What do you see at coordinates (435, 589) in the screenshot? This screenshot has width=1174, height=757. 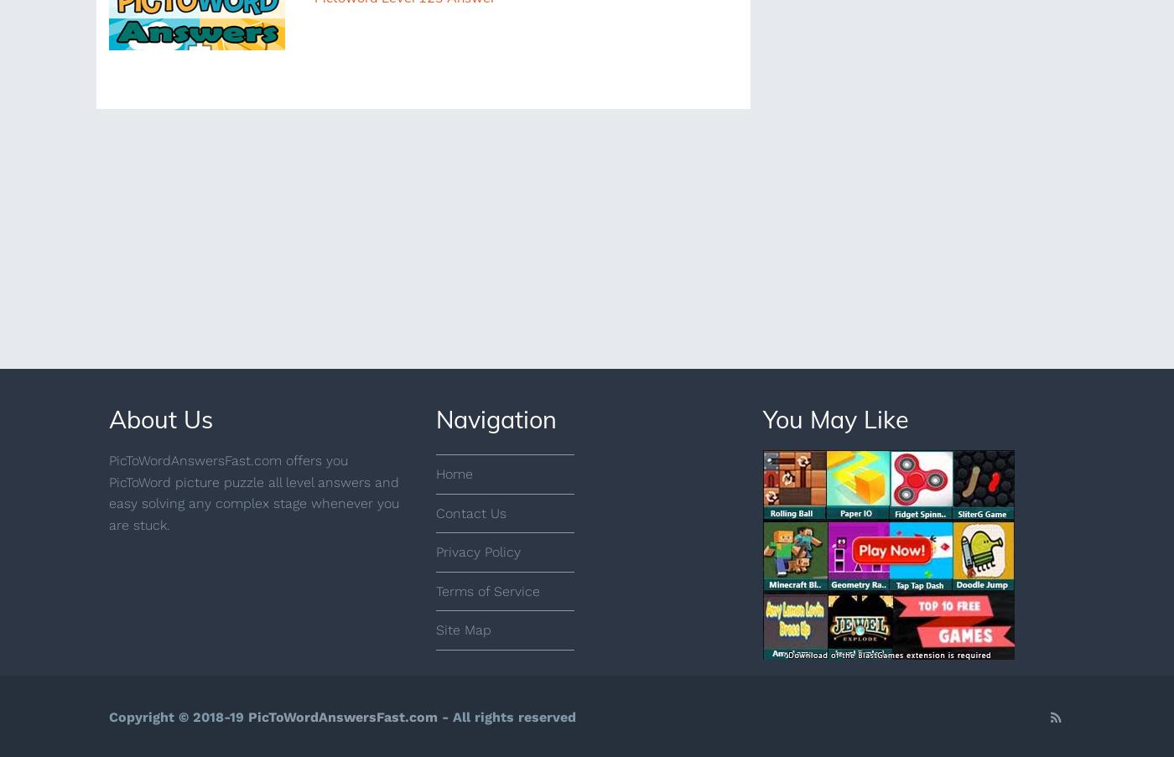 I see `'Terms of Service'` at bounding box center [435, 589].